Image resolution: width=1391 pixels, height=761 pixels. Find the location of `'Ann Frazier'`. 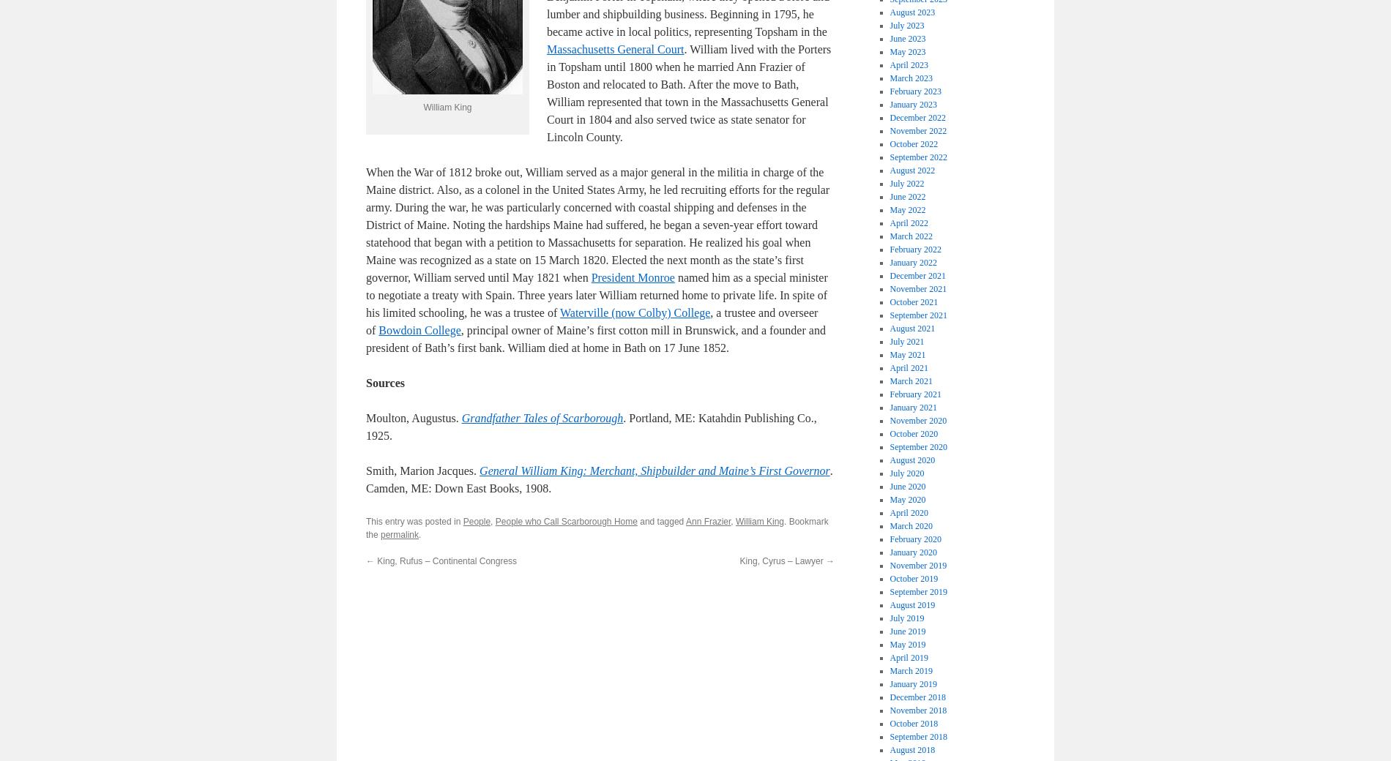

'Ann Frazier' is located at coordinates (707, 522).